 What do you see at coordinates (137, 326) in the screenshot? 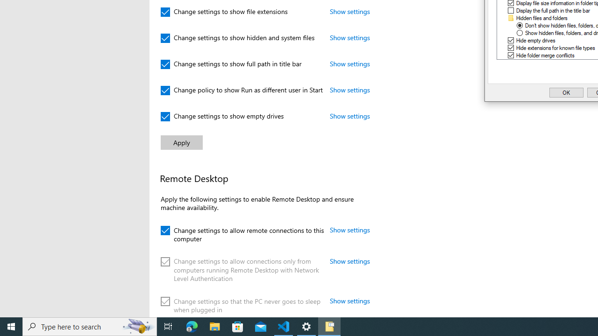
I see `'Search highlights icon opens search home window'` at bounding box center [137, 326].